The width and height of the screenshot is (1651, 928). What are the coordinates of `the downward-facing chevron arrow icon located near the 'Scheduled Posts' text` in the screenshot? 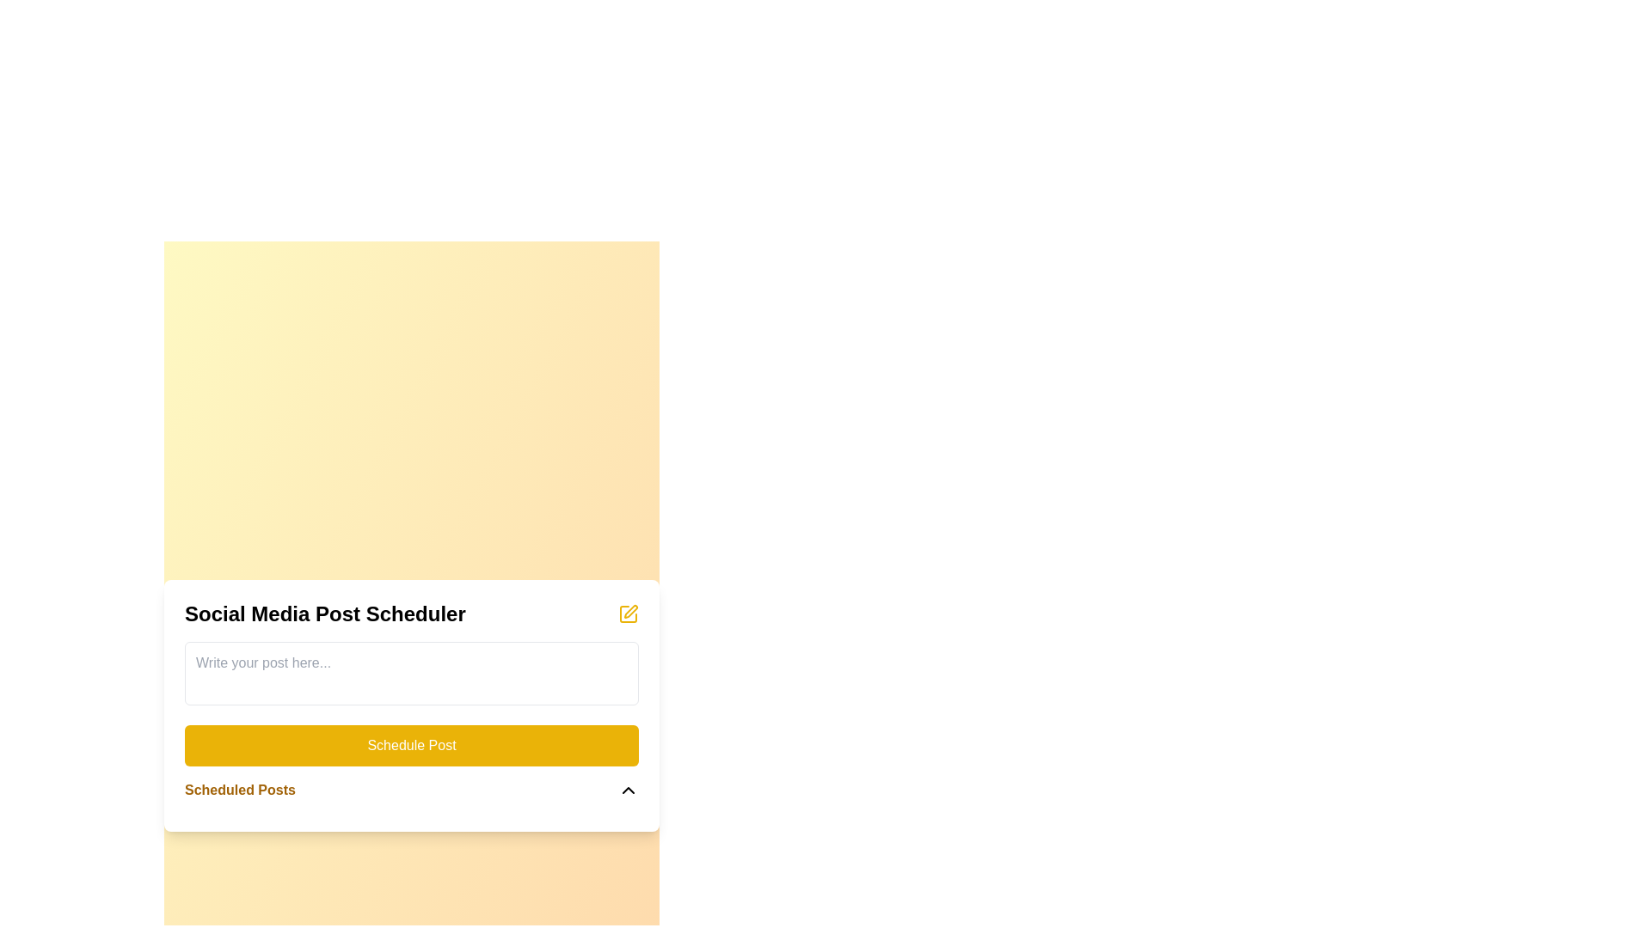 It's located at (627, 790).